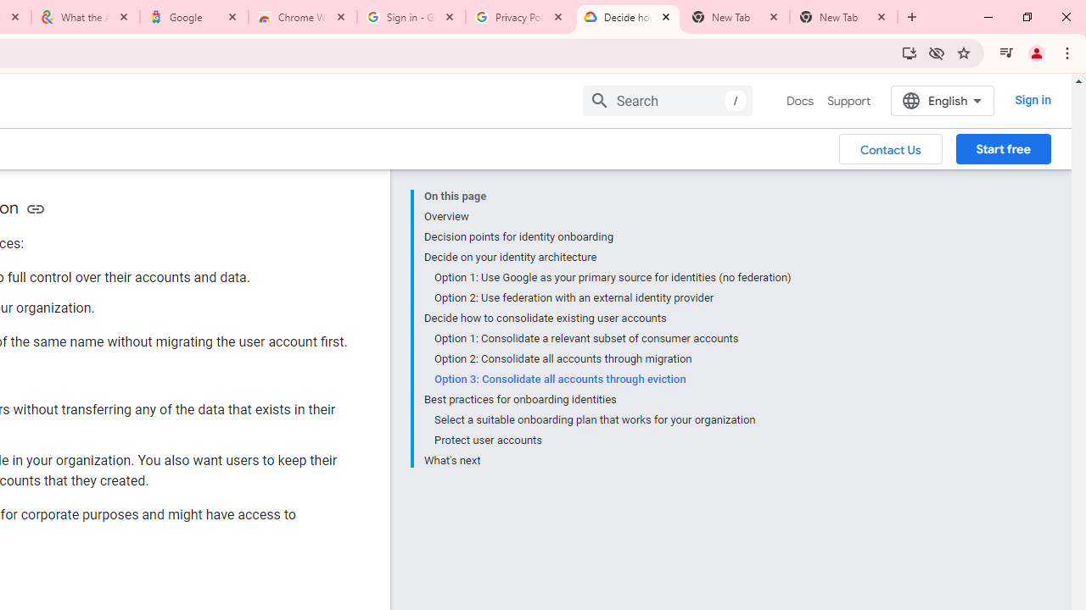 The width and height of the screenshot is (1086, 610). What do you see at coordinates (909, 52) in the screenshot?
I see `'Install Google Cloud'` at bounding box center [909, 52].